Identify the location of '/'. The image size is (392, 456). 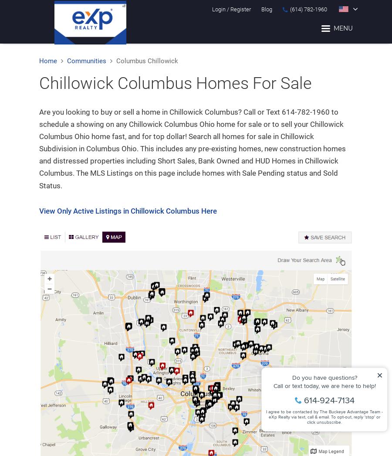
(227, 9).